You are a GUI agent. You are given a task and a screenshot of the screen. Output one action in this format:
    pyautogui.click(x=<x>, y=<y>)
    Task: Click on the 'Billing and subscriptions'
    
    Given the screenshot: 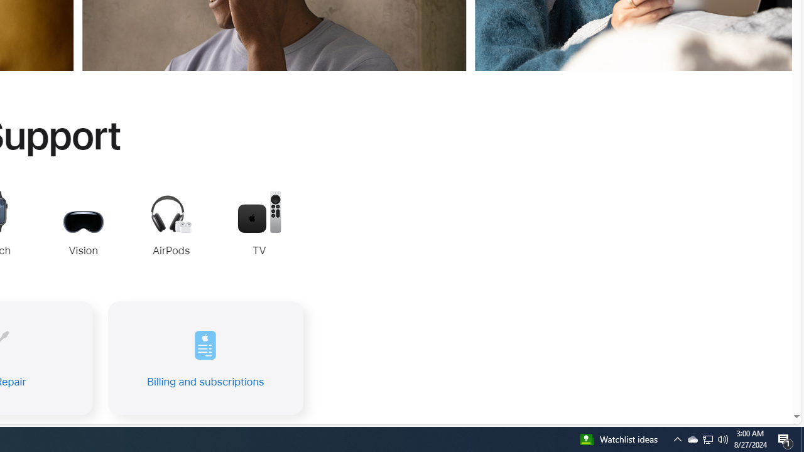 What is the action you would take?
    pyautogui.click(x=205, y=358)
    